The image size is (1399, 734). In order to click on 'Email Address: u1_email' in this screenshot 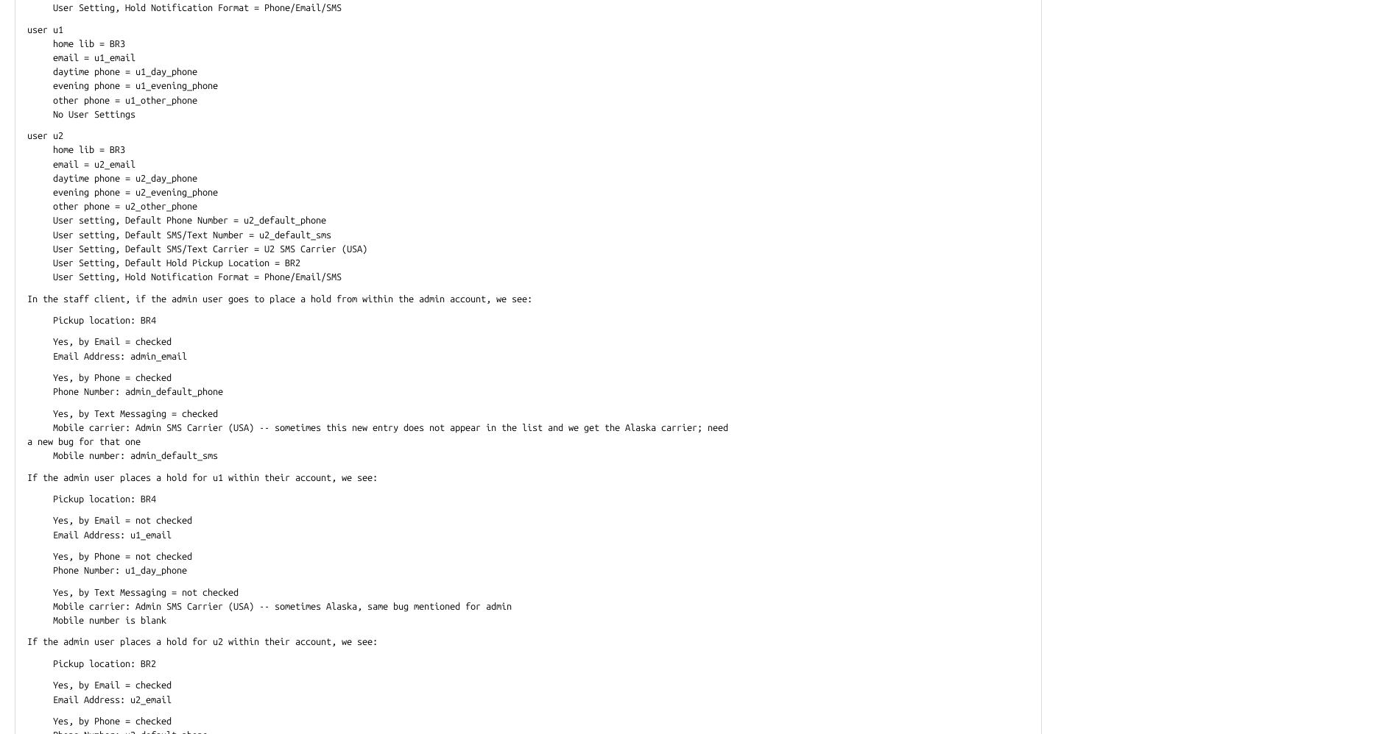, I will do `click(27, 534)`.